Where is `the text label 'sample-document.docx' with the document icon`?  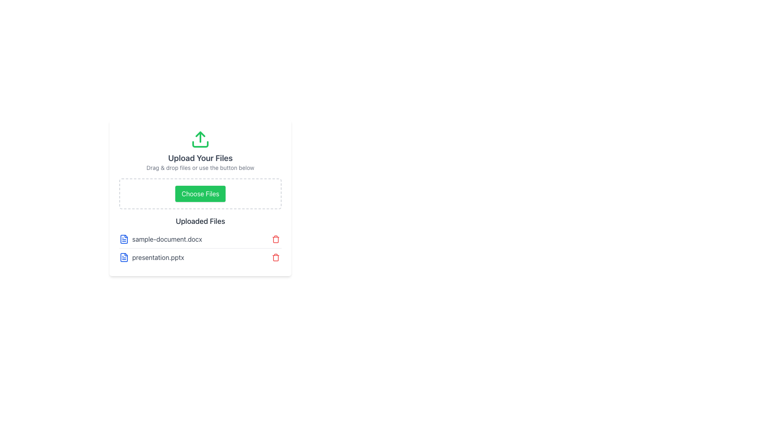
the text label 'sample-document.docx' with the document icon is located at coordinates (161, 239).